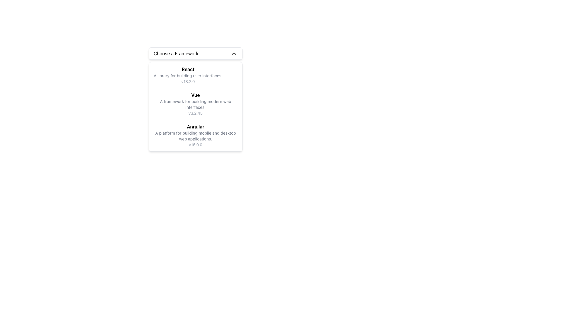  I want to click on the 'Angular' list item, which is the third item in the dropdown labeled 'Choose a Framework', so click(196, 135).